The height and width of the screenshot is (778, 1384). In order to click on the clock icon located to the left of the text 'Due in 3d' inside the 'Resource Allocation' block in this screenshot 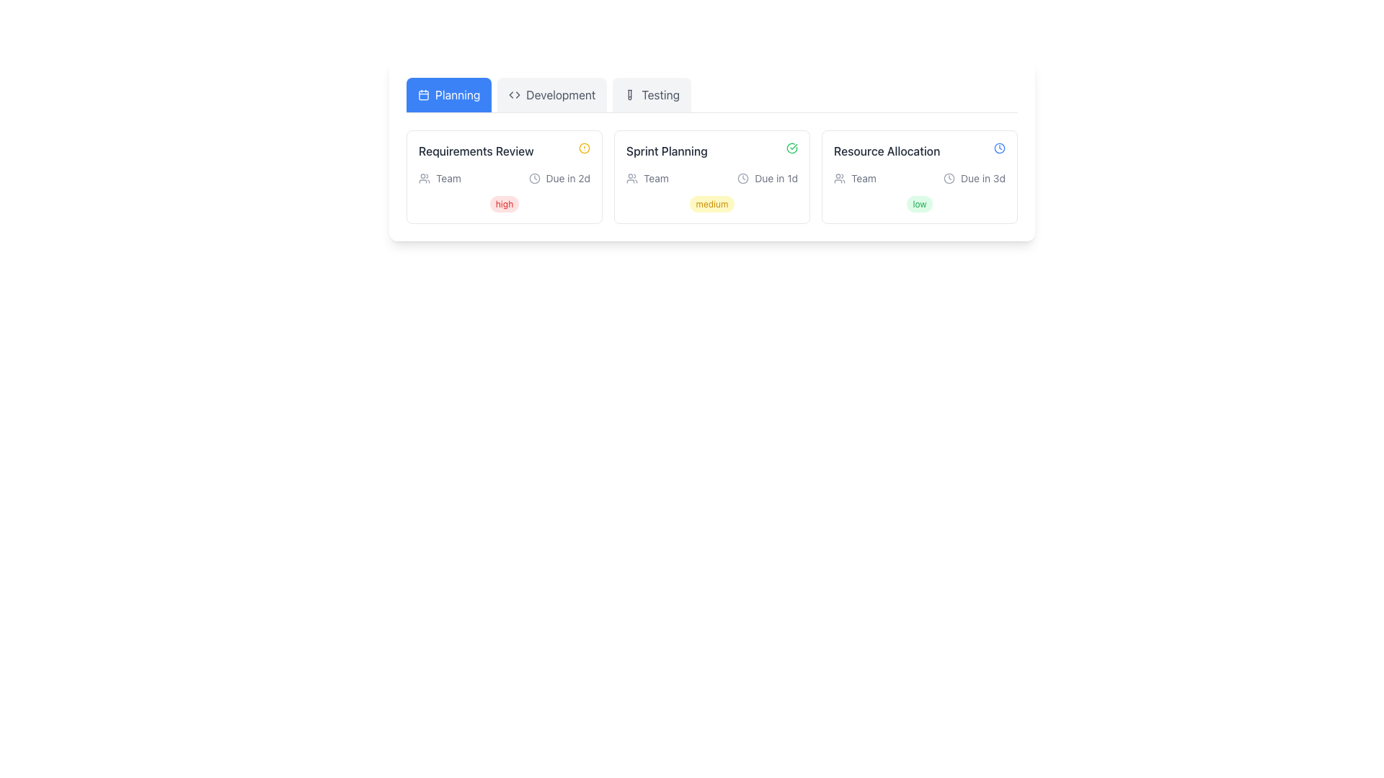, I will do `click(949, 177)`.